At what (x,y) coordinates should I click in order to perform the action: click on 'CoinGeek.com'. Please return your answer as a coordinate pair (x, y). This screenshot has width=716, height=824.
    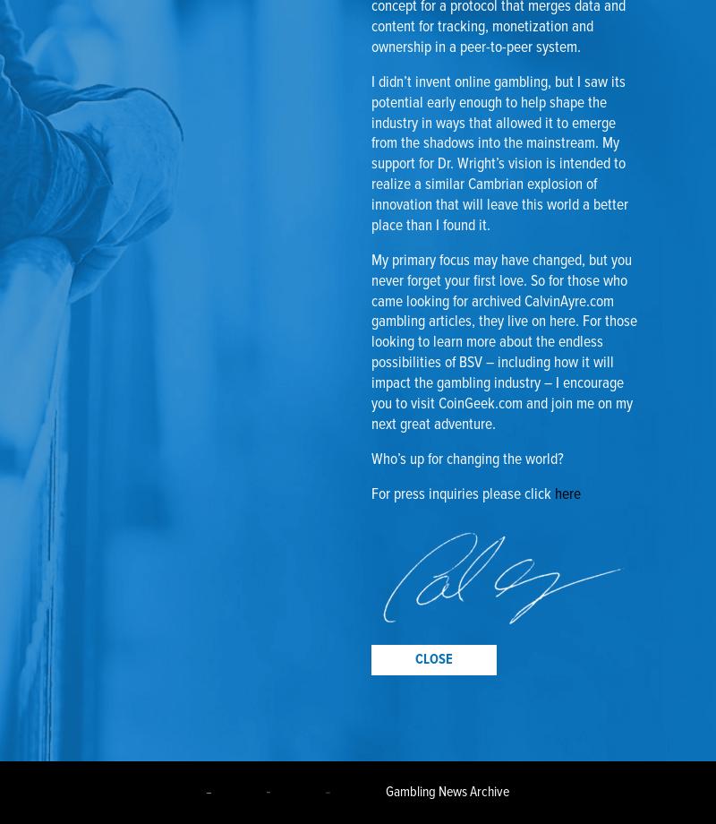
    Looking at the image, I should click on (481, 402).